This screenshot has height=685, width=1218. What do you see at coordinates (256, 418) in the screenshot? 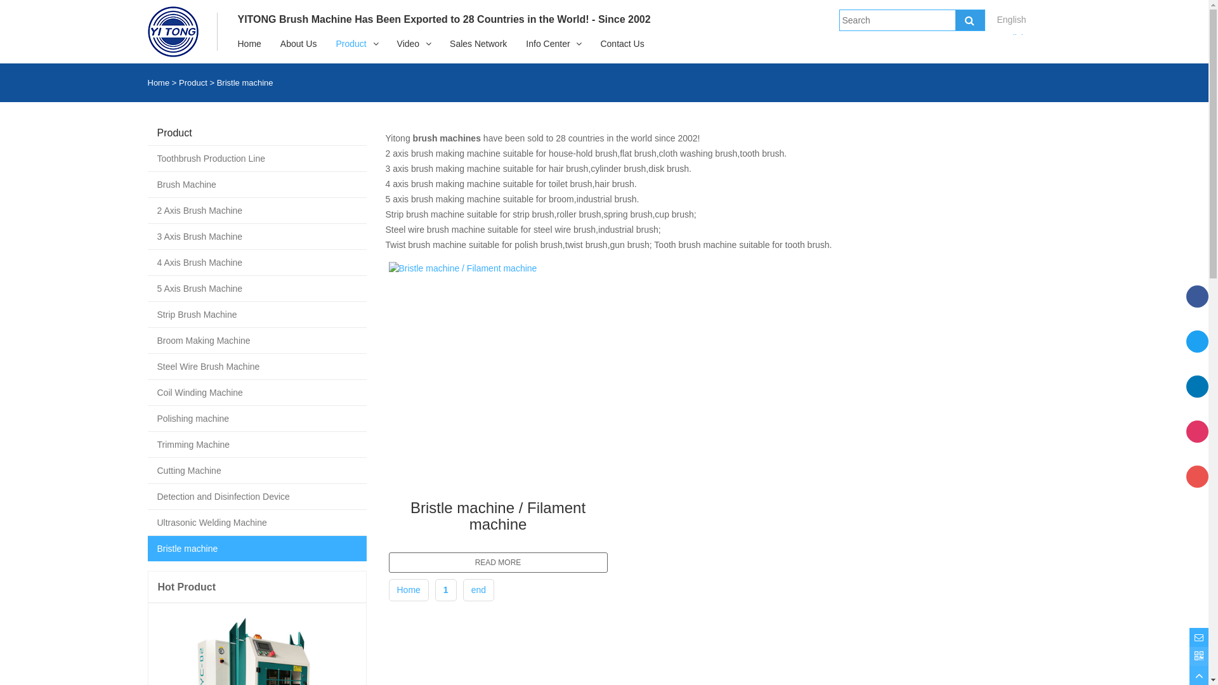
I see `'Polishing machine'` at bounding box center [256, 418].